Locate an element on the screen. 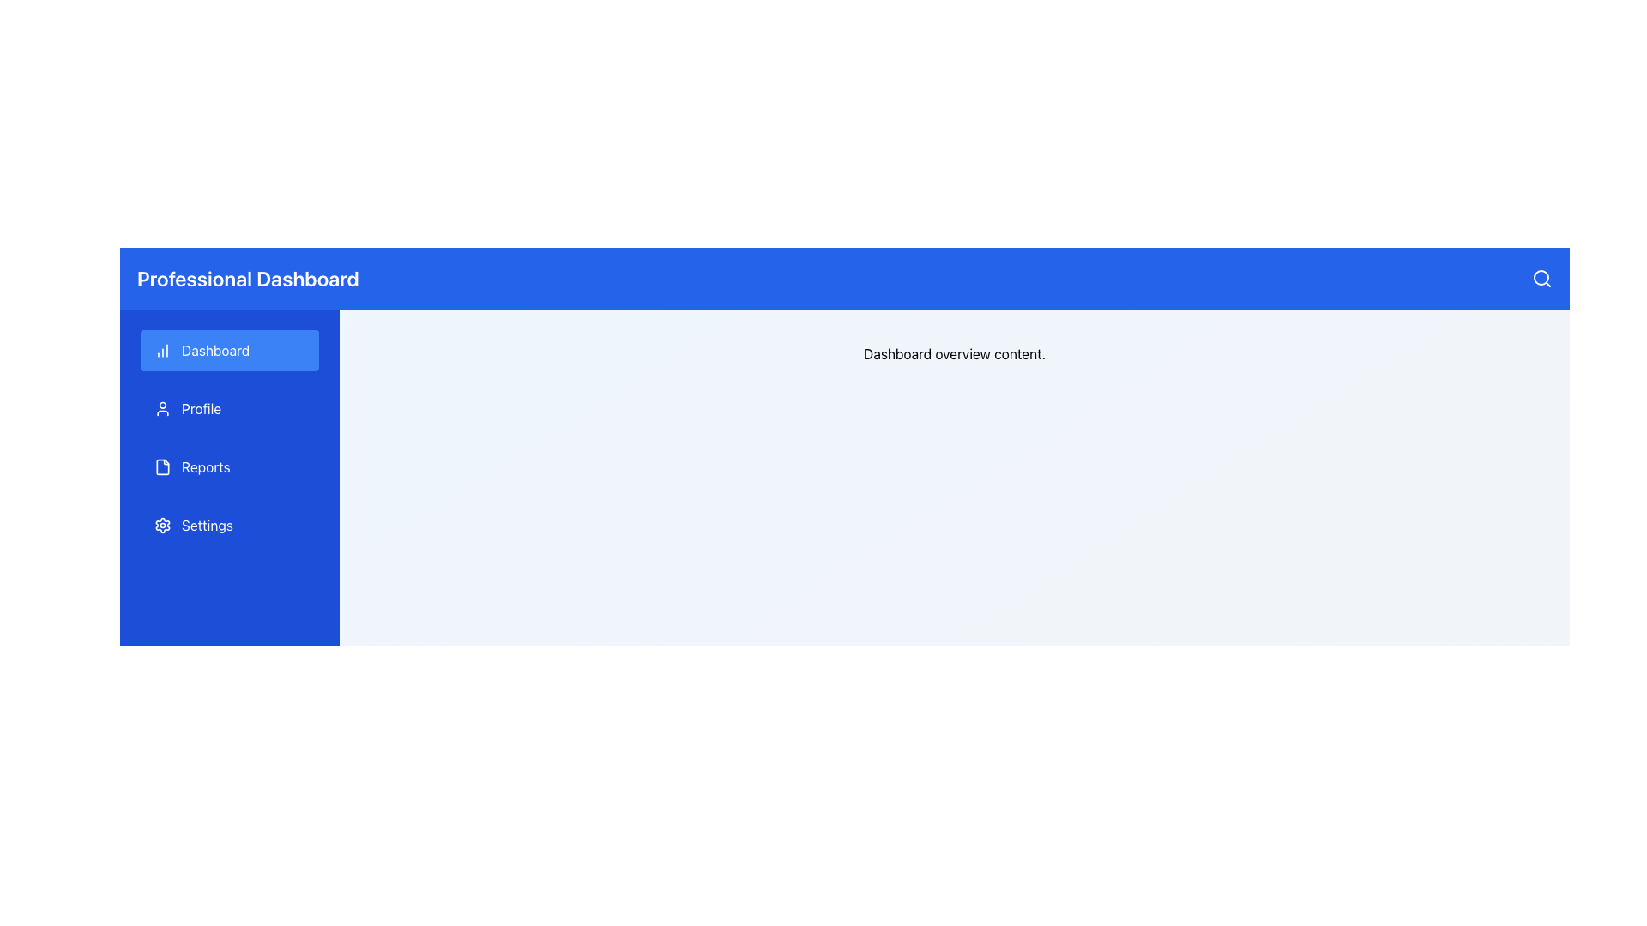  the title text element located on the left side of the blue header bar, which indicates the purpose of the page is located at coordinates (247, 277).